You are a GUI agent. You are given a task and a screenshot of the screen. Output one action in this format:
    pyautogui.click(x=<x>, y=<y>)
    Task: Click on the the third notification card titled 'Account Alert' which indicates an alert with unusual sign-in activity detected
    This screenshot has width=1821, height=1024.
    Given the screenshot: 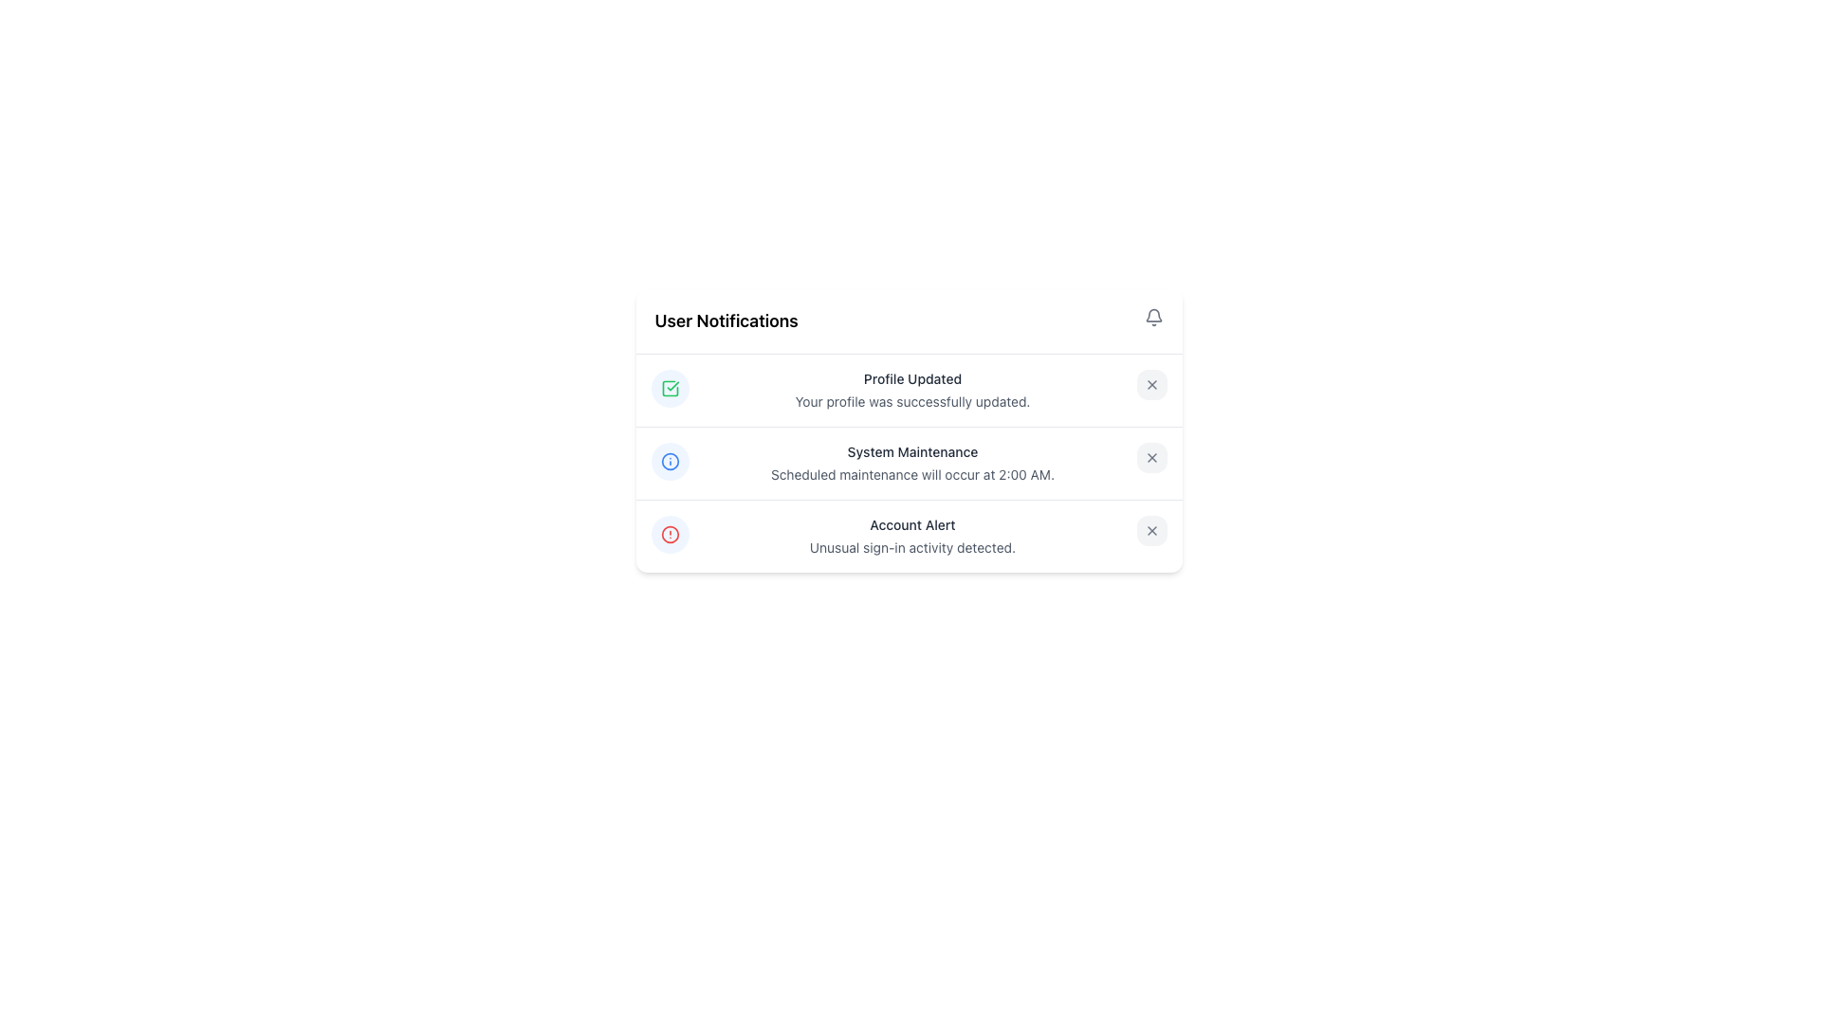 What is the action you would take?
    pyautogui.click(x=908, y=536)
    